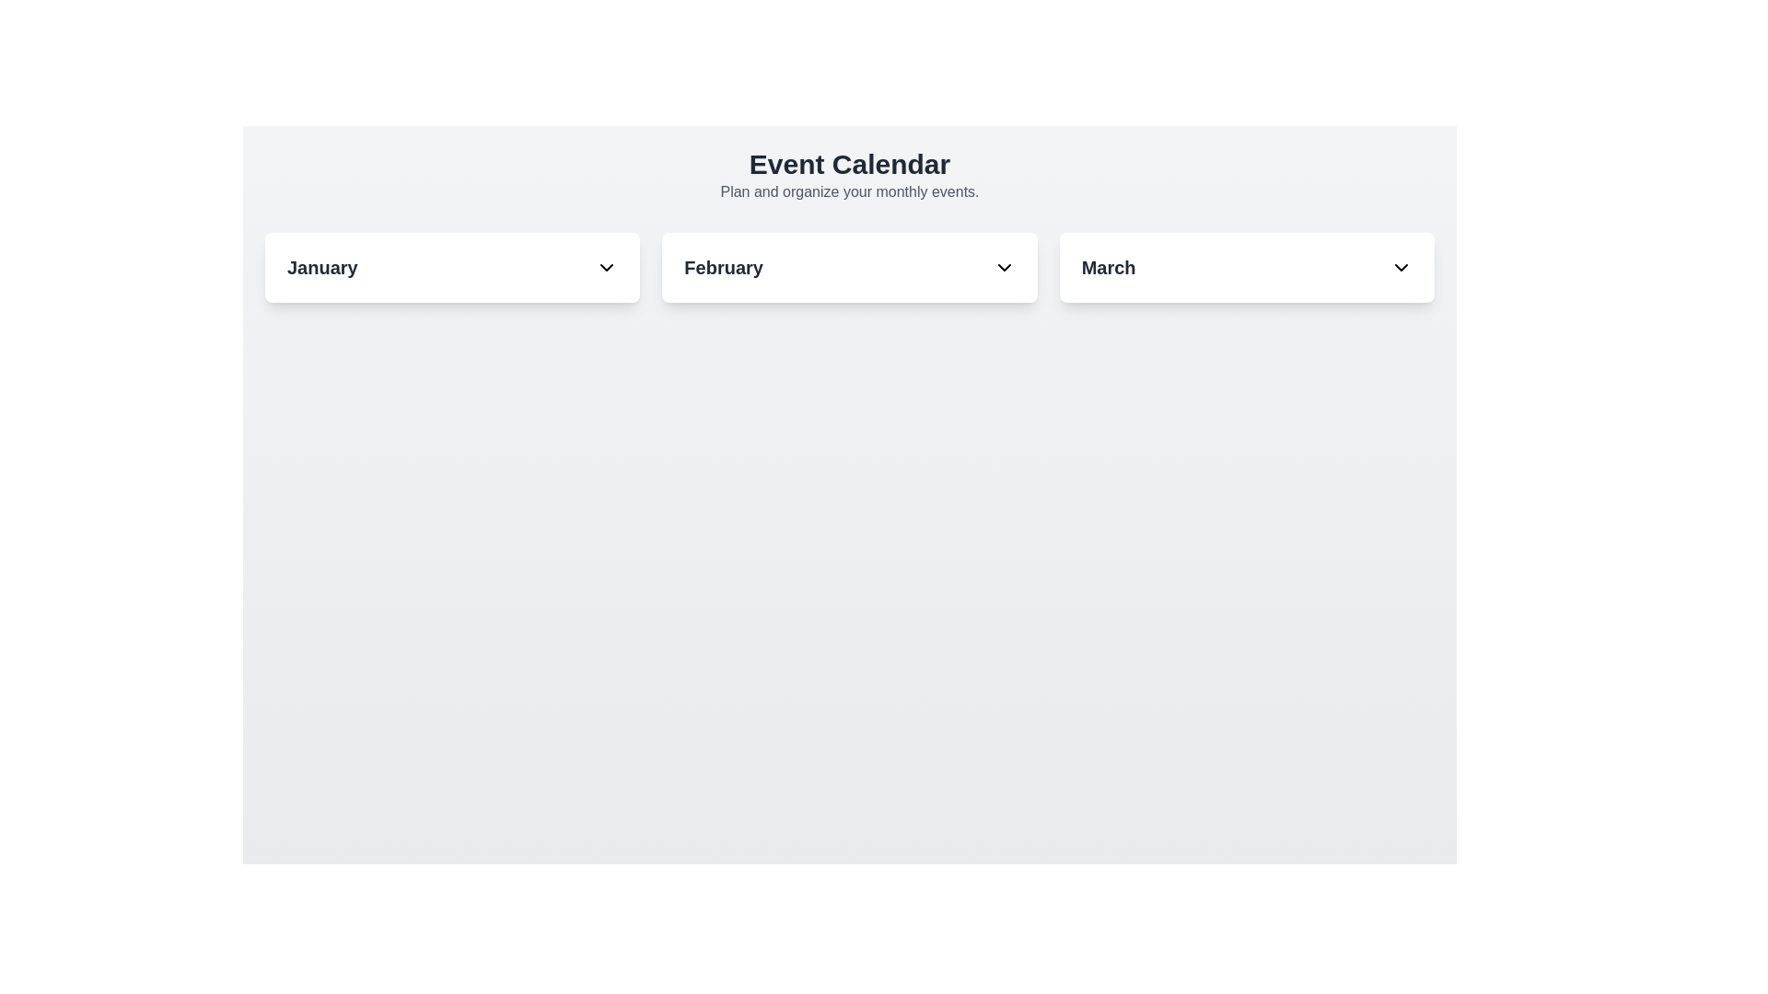 Image resolution: width=1768 pixels, height=994 pixels. Describe the element at coordinates (1247, 267) in the screenshot. I see `the 'March' button with dropdown functionality` at that location.